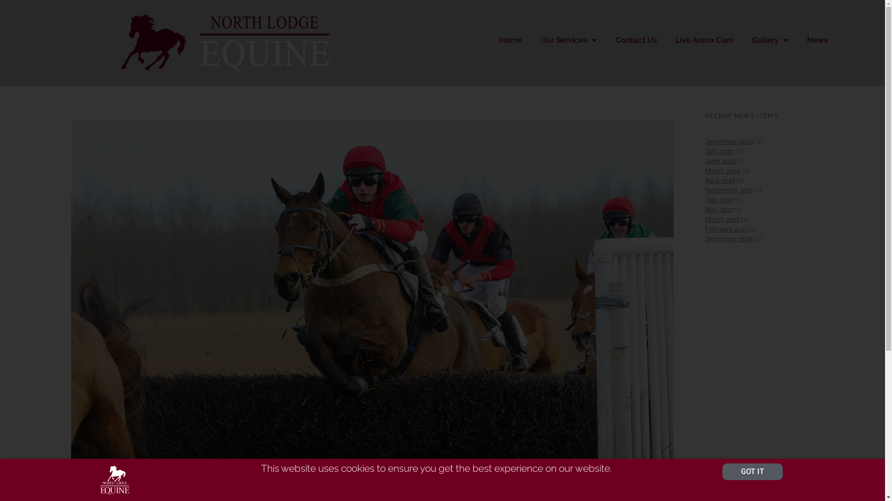 This screenshot has height=501, width=892. I want to click on 'February 2017', so click(726, 229).